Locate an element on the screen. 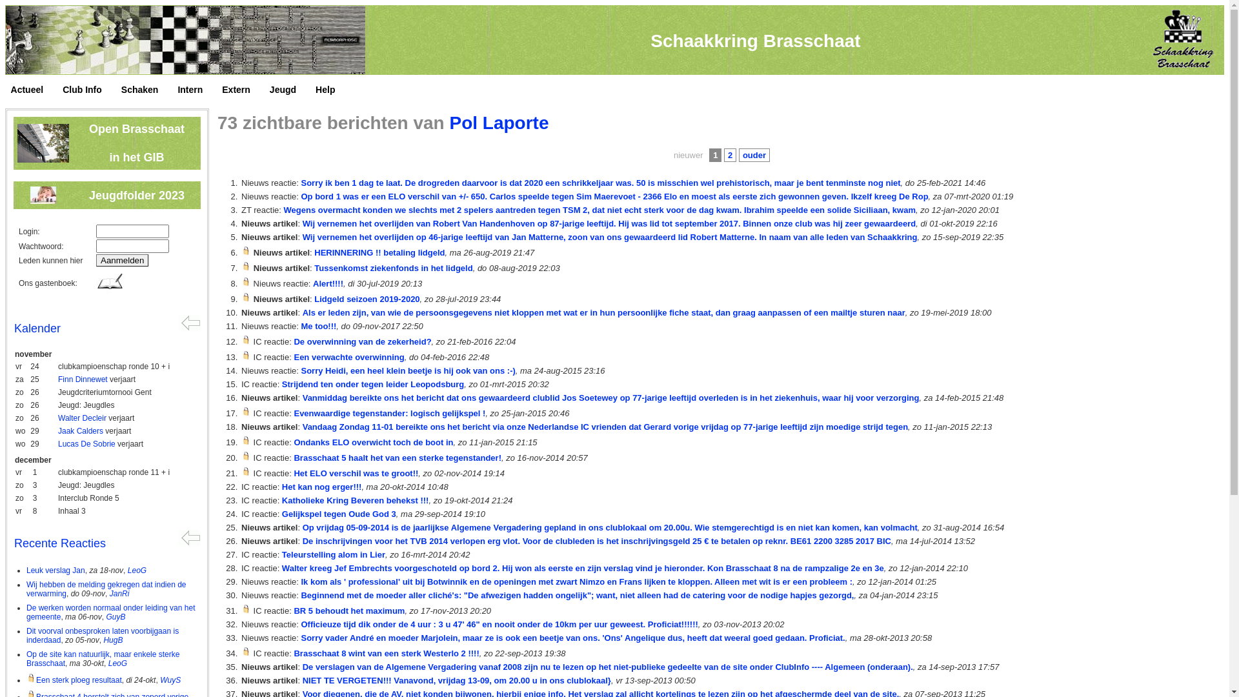 The image size is (1239, 697). 'Enkel zichtbaar voor clubleden' is located at coordinates (246, 281).